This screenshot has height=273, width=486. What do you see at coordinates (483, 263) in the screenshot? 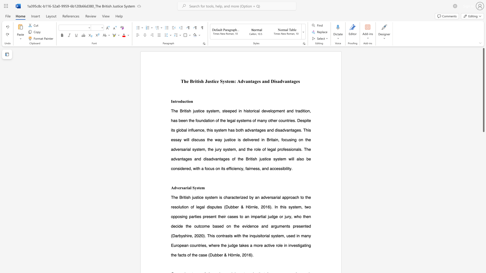
I see `the side scrollbar to bring the page down` at bounding box center [483, 263].